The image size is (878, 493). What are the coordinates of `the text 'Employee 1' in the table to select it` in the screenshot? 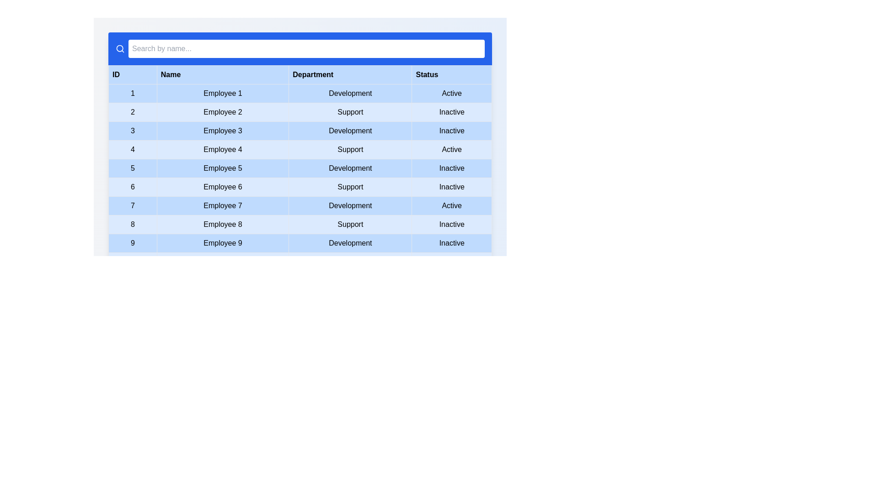 It's located at (222, 93).